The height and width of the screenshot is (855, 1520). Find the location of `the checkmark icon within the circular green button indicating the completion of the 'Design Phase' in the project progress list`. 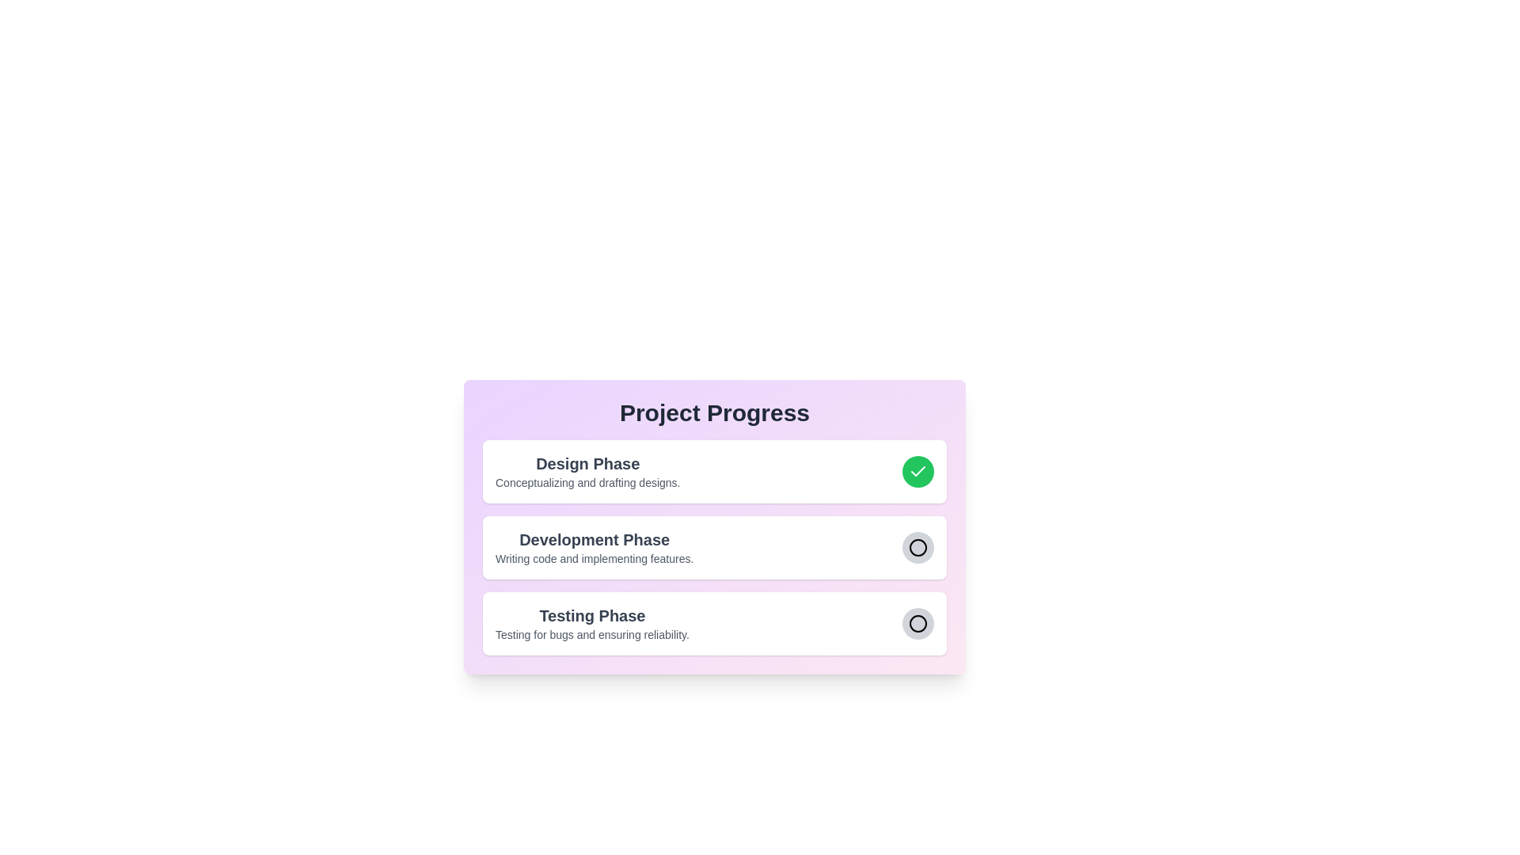

the checkmark icon within the circular green button indicating the completion of the 'Design Phase' in the project progress list is located at coordinates (918, 470).